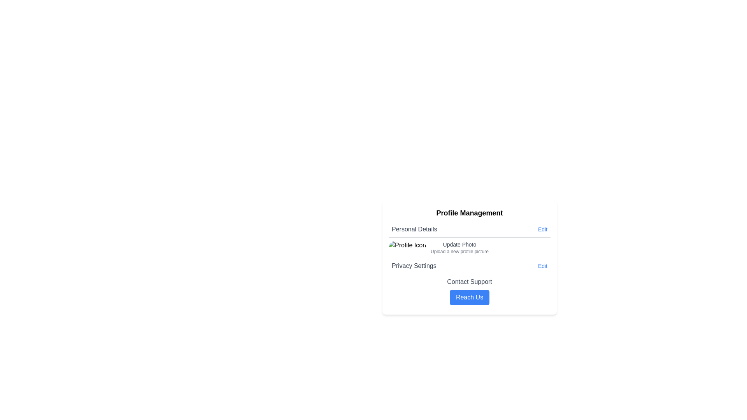 This screenshot has width=747, height=420. I want to click on the 'Edit' hyperlink, so click(542, 229).